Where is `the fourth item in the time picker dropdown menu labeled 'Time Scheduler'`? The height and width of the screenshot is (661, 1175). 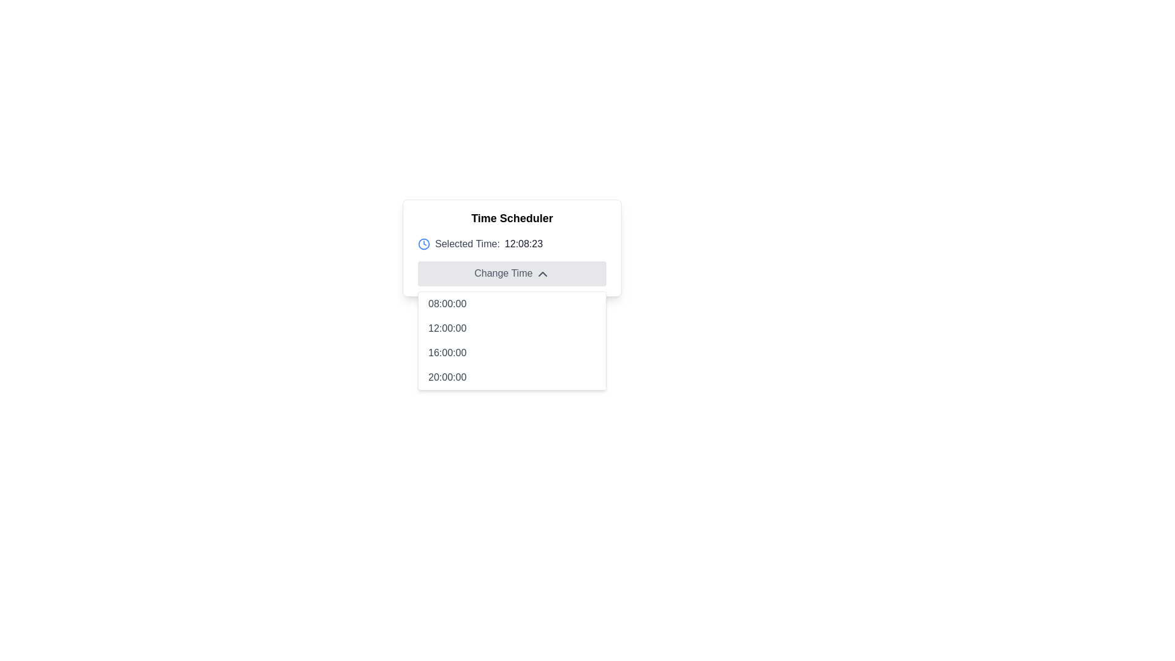 the fourth item in the time picker dropdown menu labeled 'Time Scheduler' is located at coordinates (512, 376).